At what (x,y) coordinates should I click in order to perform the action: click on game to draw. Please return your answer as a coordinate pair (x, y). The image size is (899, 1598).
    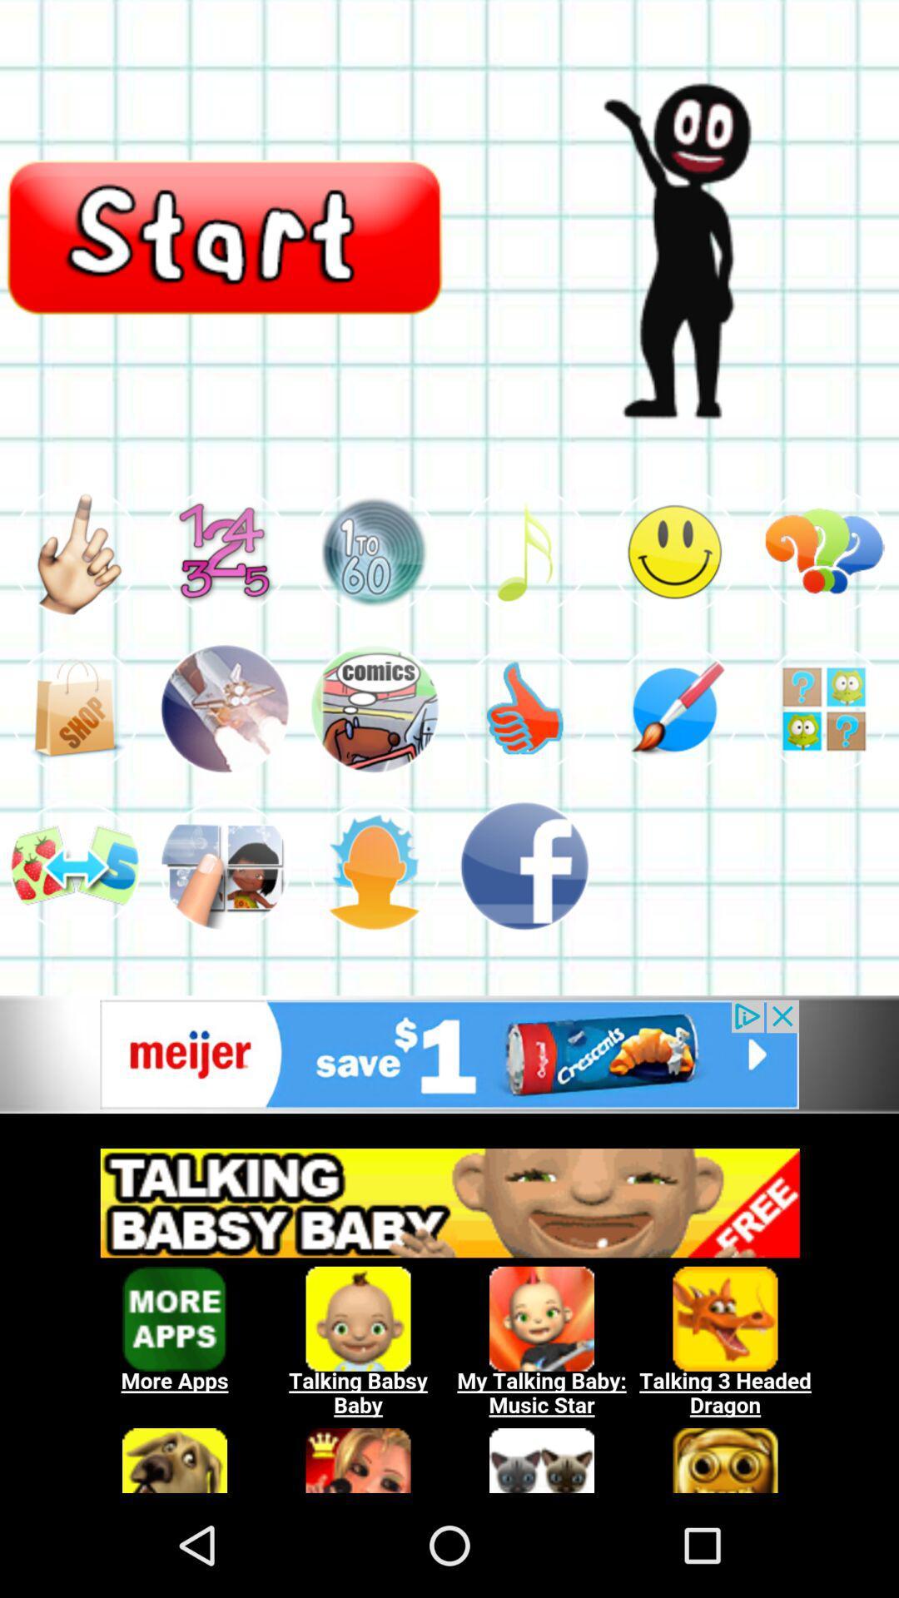
    Looking at the image, I should click on (674, 708).